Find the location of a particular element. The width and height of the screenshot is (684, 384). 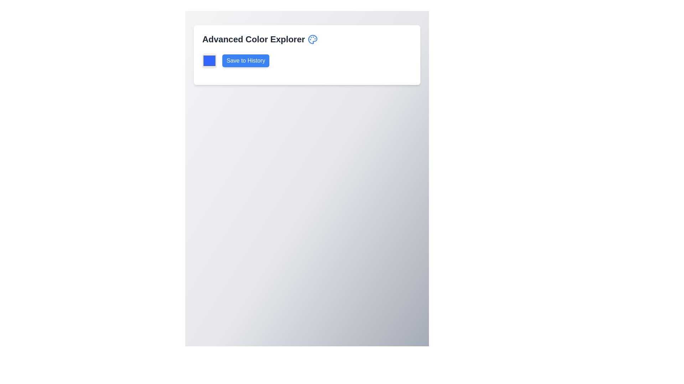

the decorative icon located at the top-right corner of the header section, adjacent to the 'Advanced Color Explorer' text to observe its tool-tip is located at coordinates (313, 39).